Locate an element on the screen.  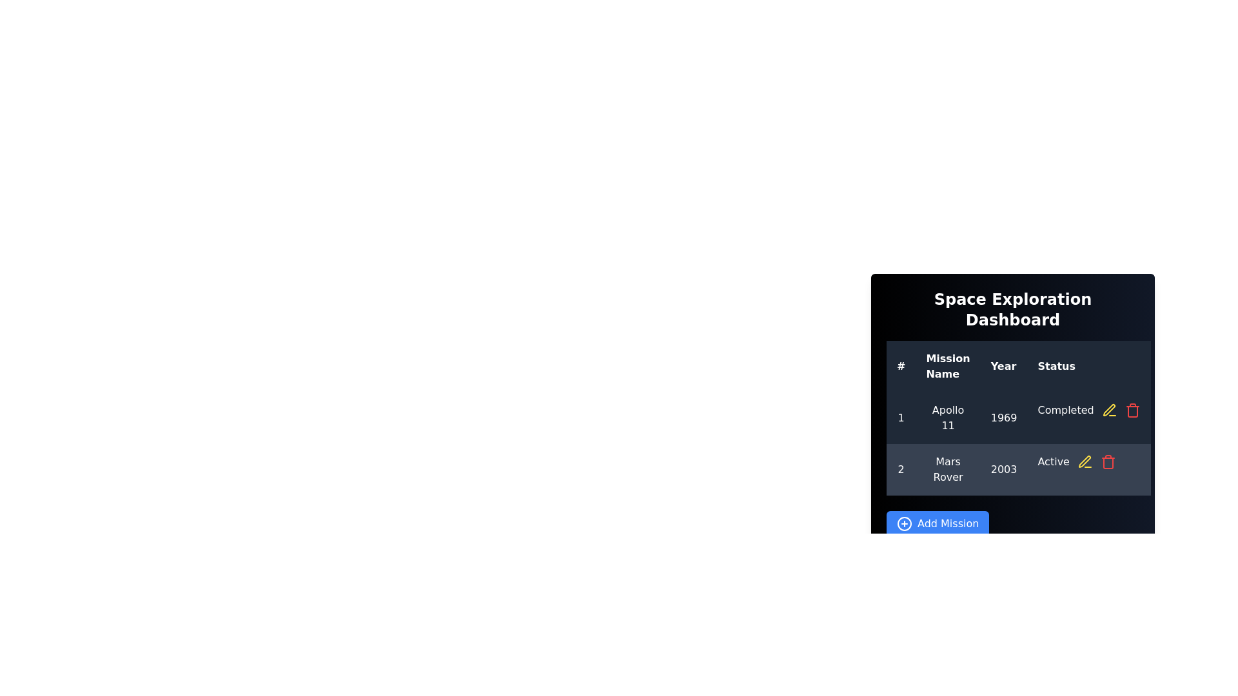
the first row in the table that displays information about a specific space mission to trigger hover-specific functionality is located at coordinates (1017, 418).